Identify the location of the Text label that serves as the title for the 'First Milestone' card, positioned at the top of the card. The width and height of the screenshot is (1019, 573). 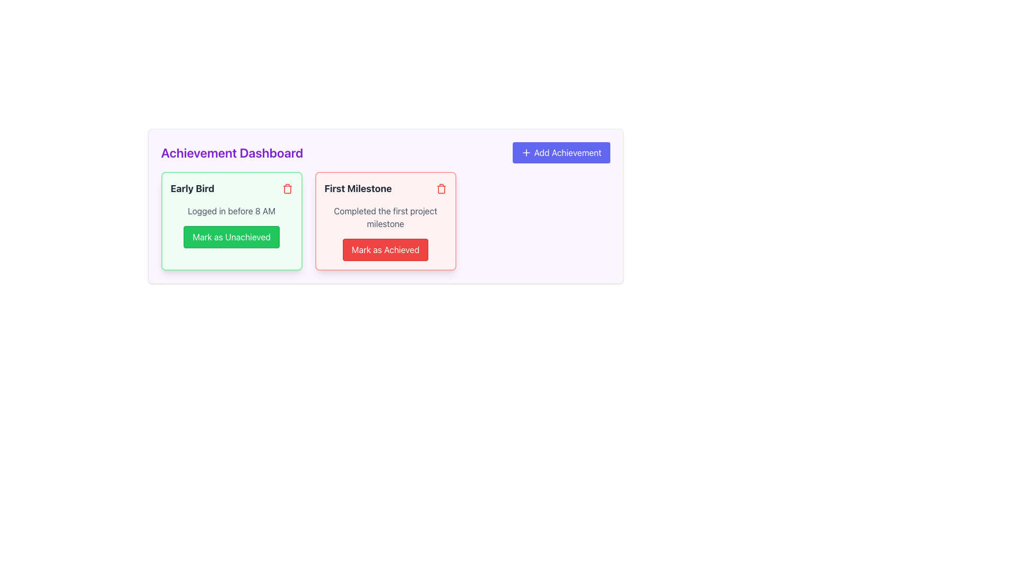
(358, 188).